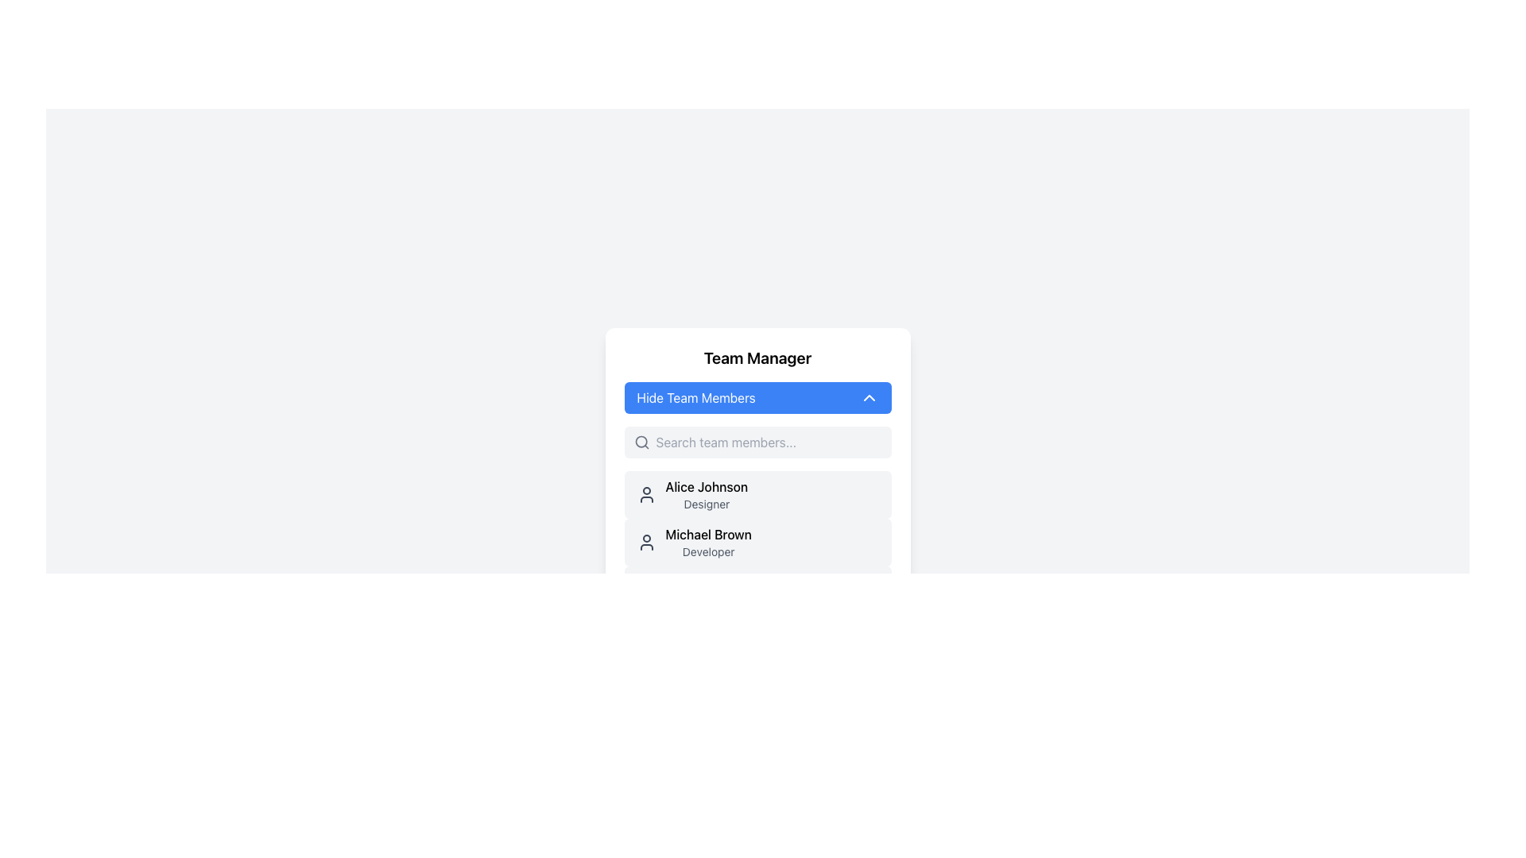 This screenshot has width=1526, height=858. Describe the element at coordinates (769, 442) in the screenshot. I see `the text input field with the placeholder 'Search team members...'` at that location.